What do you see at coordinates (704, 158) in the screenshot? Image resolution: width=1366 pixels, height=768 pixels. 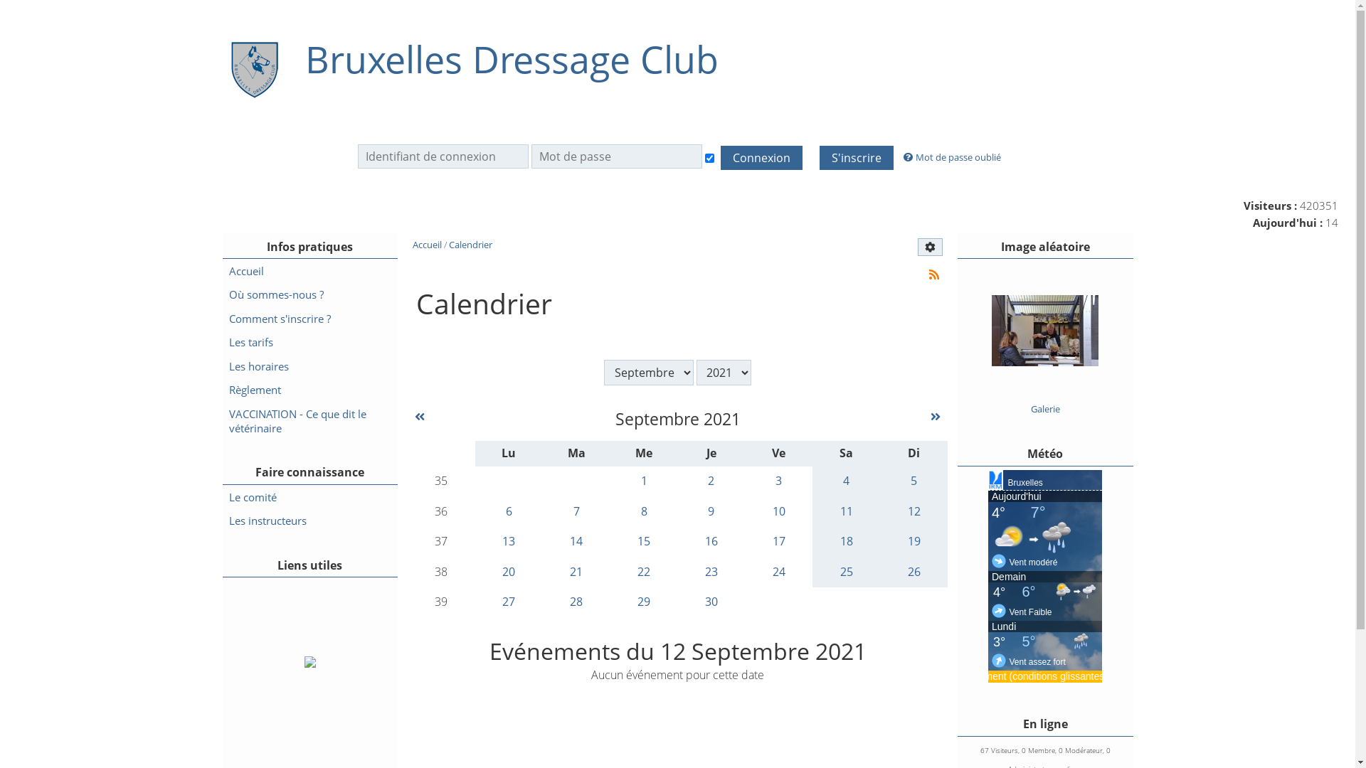 I see `'Connexion auto'` at bounding box center [704, 158].